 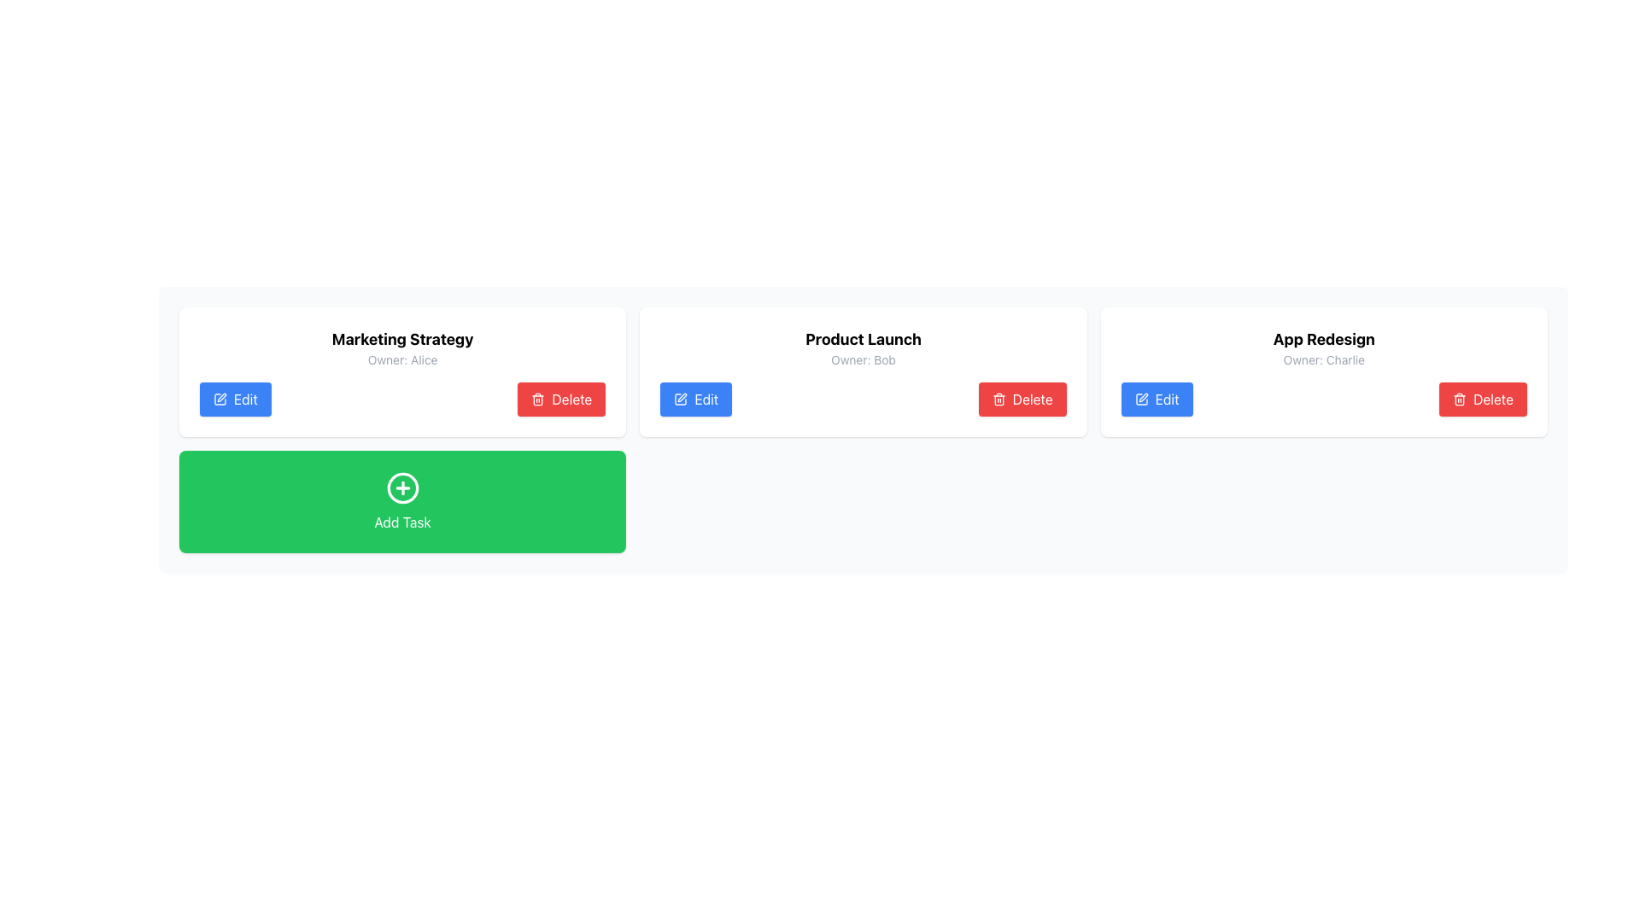 What do you see at coordinates (537, 399) in the screenshot?
I see `the trash bin icon located to the left of the 'Delete' button text in the red-colored button on the first card labeled 'Marketing Strategy'` at bounding box center [537, 399].